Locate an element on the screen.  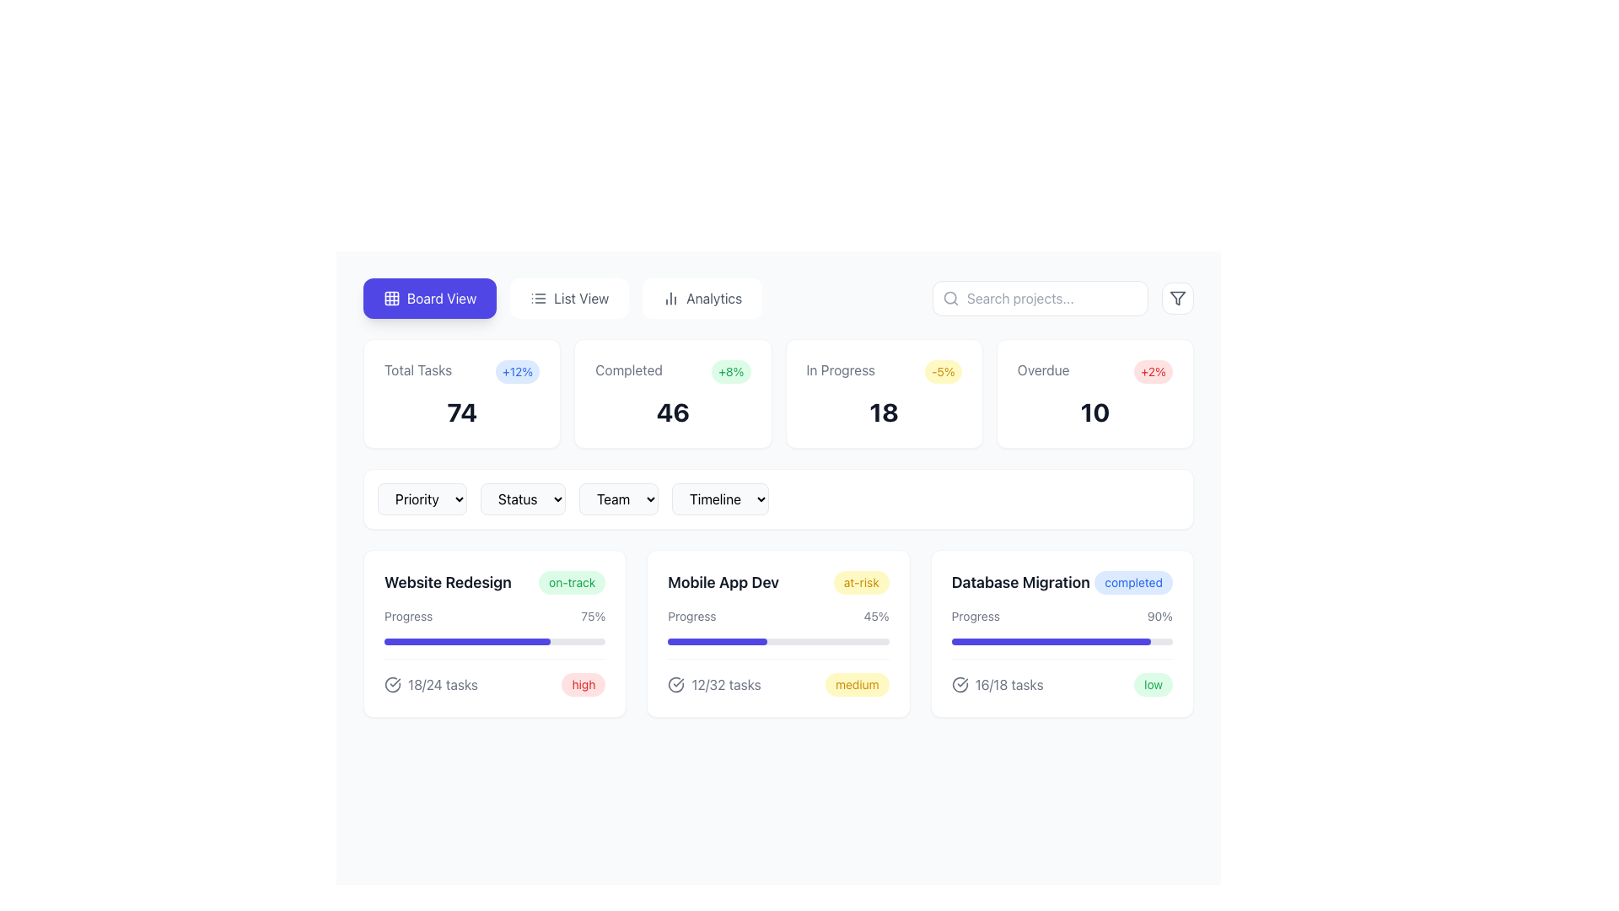
the title and status indicator for the project 'Mobile App Dev' in the second row of the dashboard, which indicates its status as 'at-risk' is located at coordinates (777, 581).